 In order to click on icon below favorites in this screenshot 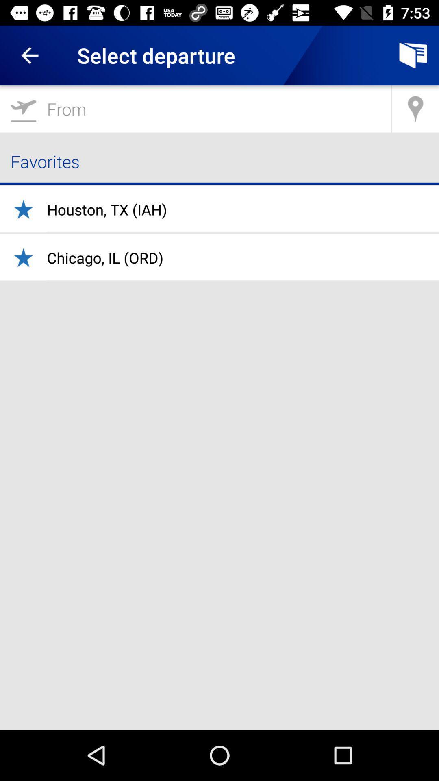, I will do `click(106, 209)`.